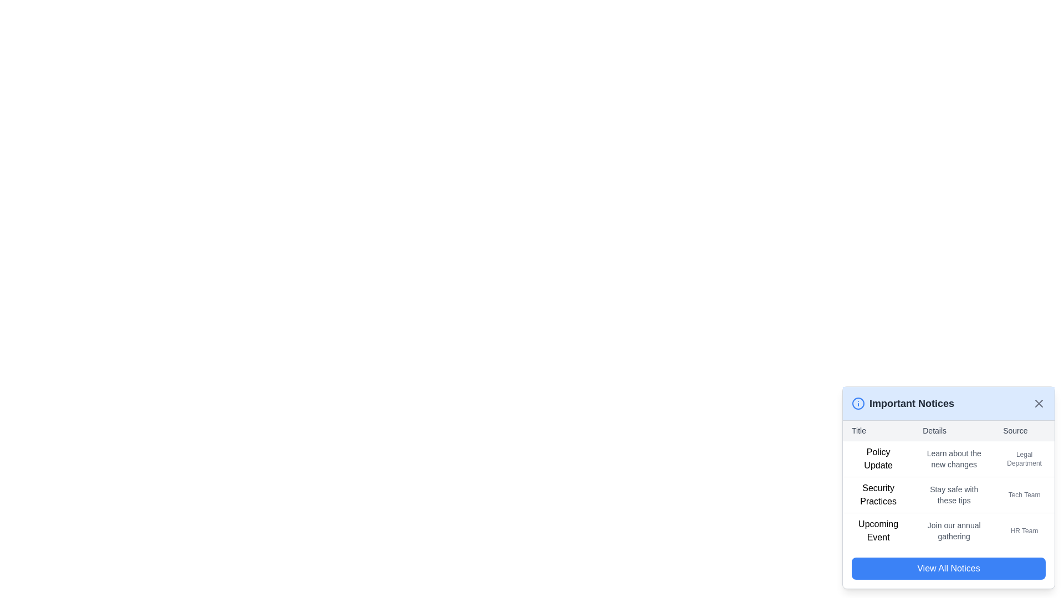  Describe the element at coordinates (1039, 404) in the screenshot. I see `the small gray close ('X') button located in the upper-right corner of the 'Important Notices' header to change its color` at that location.